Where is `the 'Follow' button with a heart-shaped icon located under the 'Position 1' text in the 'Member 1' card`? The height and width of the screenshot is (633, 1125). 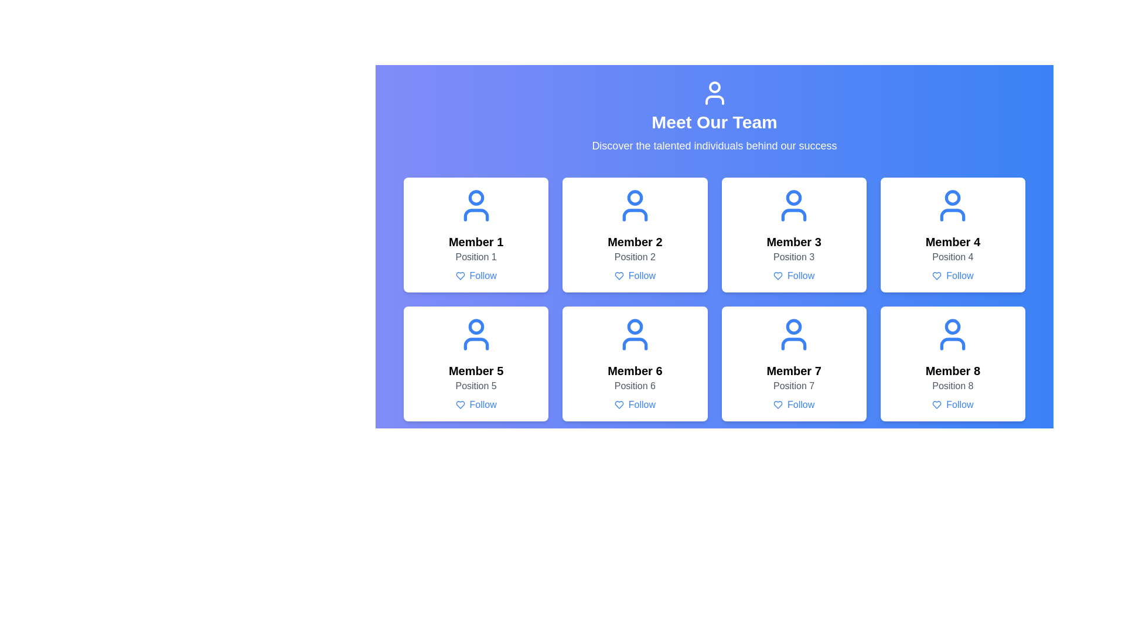
the 'Follow' button with a heart-shaped icon located under the 'Position 1' text in the 'Member 1' card is located at coordinates (476, 275).